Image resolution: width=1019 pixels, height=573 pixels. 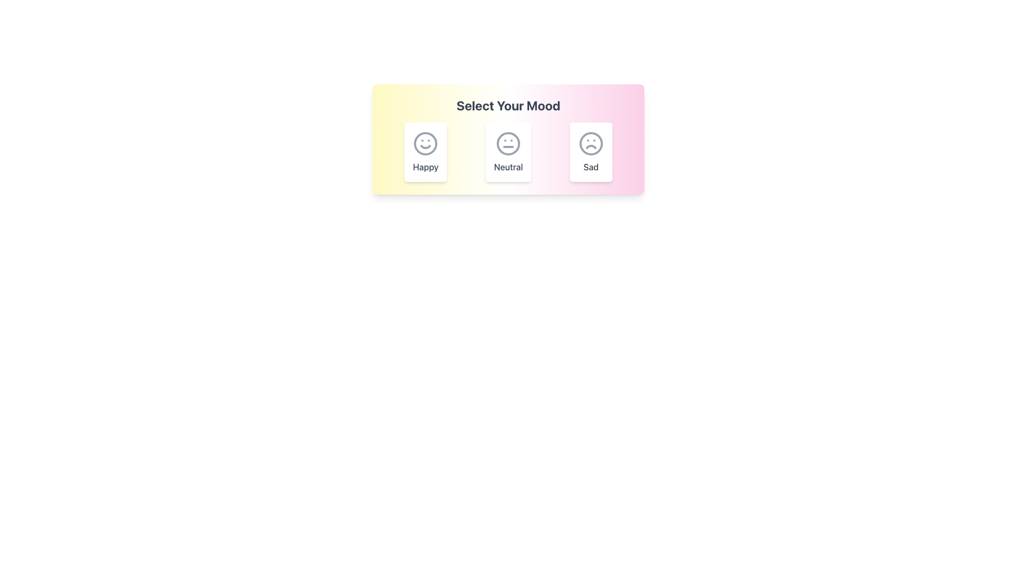 I want to click on the SVG circle representing the outline of the sad face icon in the third mood selection card labeled 'Sad', so click(x=590, y=143).